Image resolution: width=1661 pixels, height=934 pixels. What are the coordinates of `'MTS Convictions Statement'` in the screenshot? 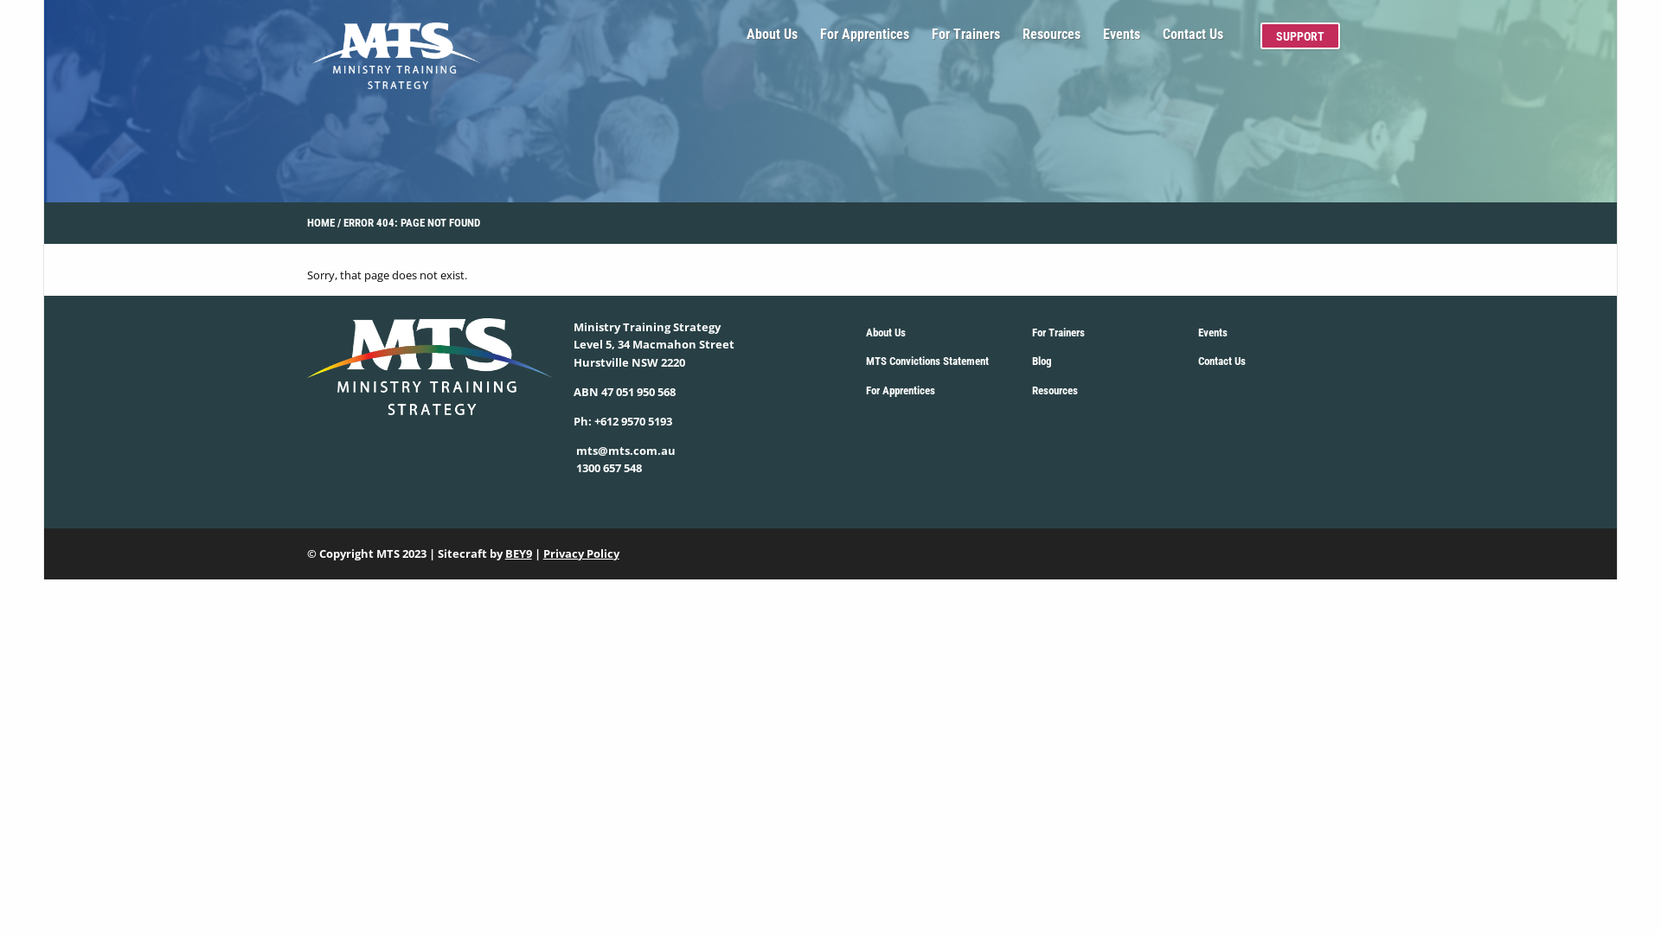 It's located at (926, 361).